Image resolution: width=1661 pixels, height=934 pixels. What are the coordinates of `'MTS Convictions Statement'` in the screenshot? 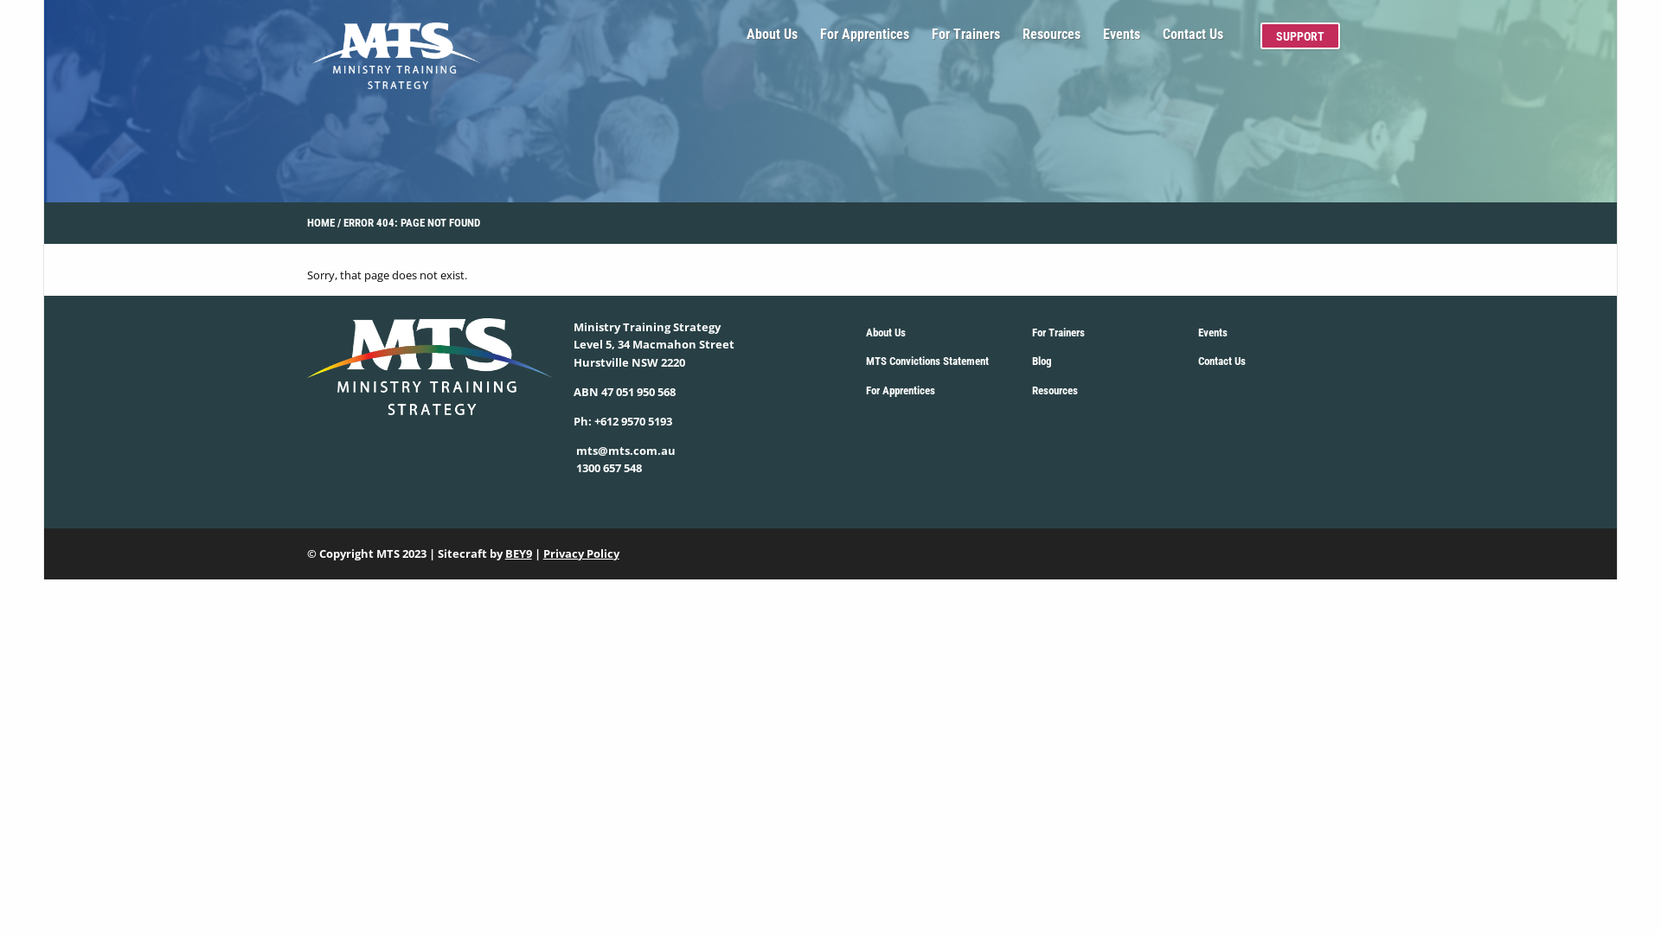 It's located at (926, 361).